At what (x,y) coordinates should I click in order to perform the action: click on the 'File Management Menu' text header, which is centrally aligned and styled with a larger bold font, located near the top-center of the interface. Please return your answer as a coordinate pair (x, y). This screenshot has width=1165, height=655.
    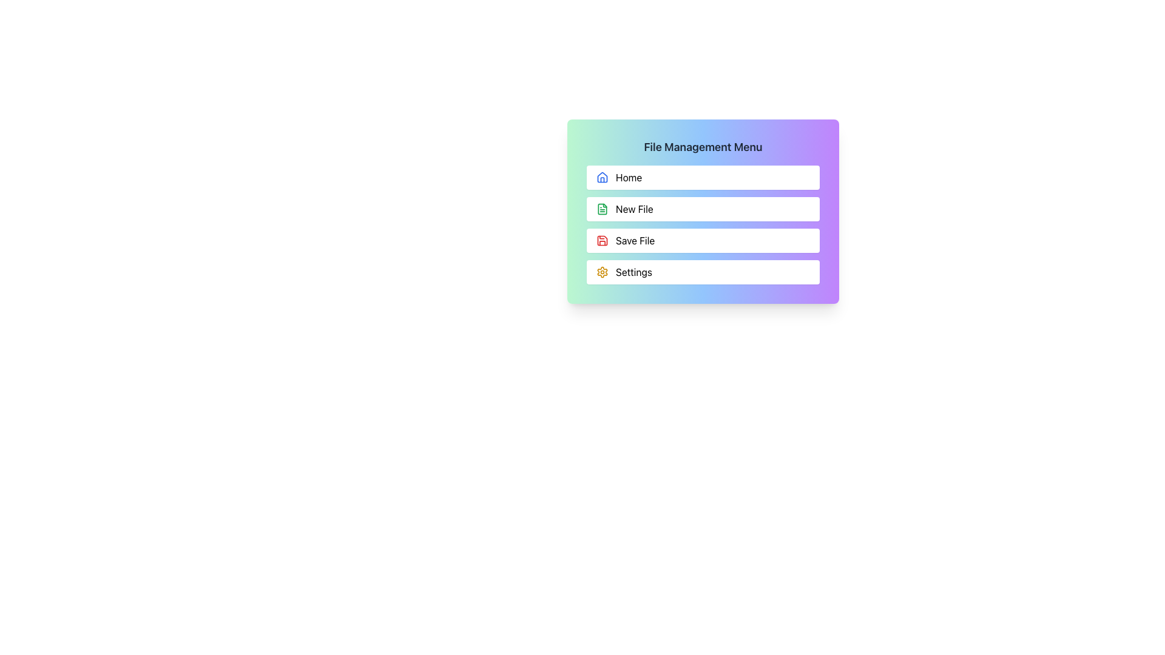
    Looking at the image, I should click on (703, 147).